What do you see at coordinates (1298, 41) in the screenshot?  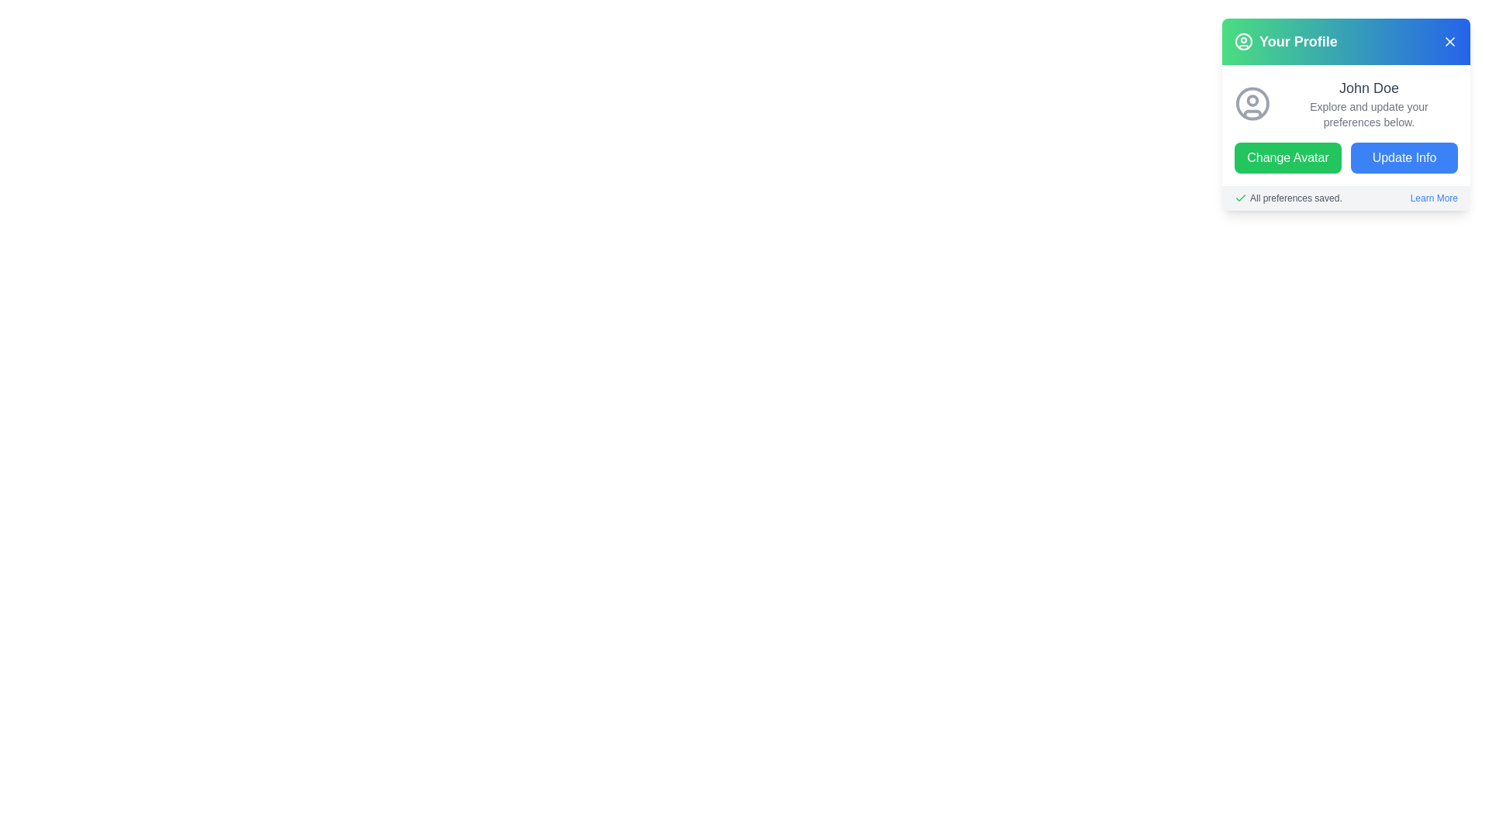 I see `text label displaying 'Your Profile' that is styled with a larger font size and bold weight, located to the right of the profile icon in the top-left corner of the card-like widget` at bounding box center [1298, 41].